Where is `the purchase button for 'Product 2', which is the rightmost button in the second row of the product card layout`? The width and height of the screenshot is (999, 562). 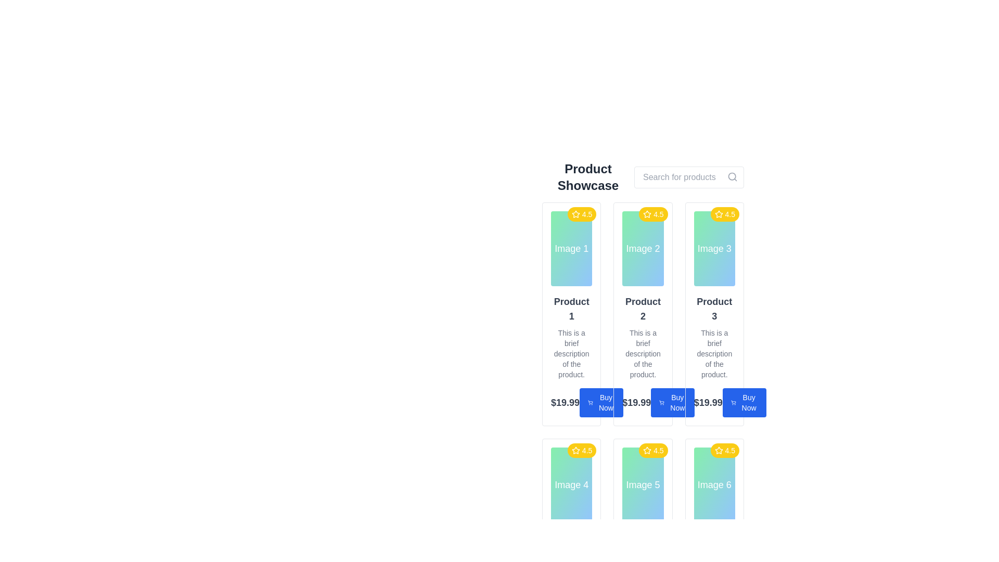 the purchase button for 'Product 2', which is the rightmost button in the second row of the product card layout is located at coordinates (601, 402).